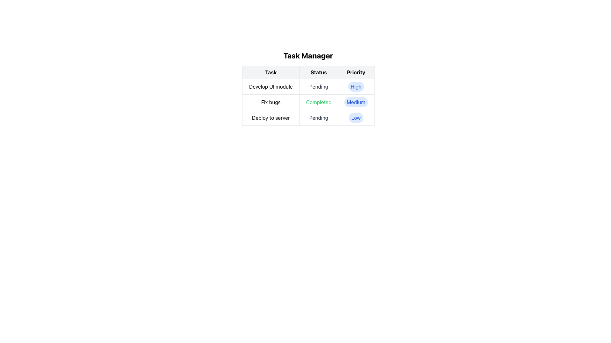 This screenshot has height=343, width=611. Describe the element at coordinates (355, 118) in the screenshot. I see `the badge labeled 'Low' in the Priority column, located in the row for 'Deploy to server'` at that location.